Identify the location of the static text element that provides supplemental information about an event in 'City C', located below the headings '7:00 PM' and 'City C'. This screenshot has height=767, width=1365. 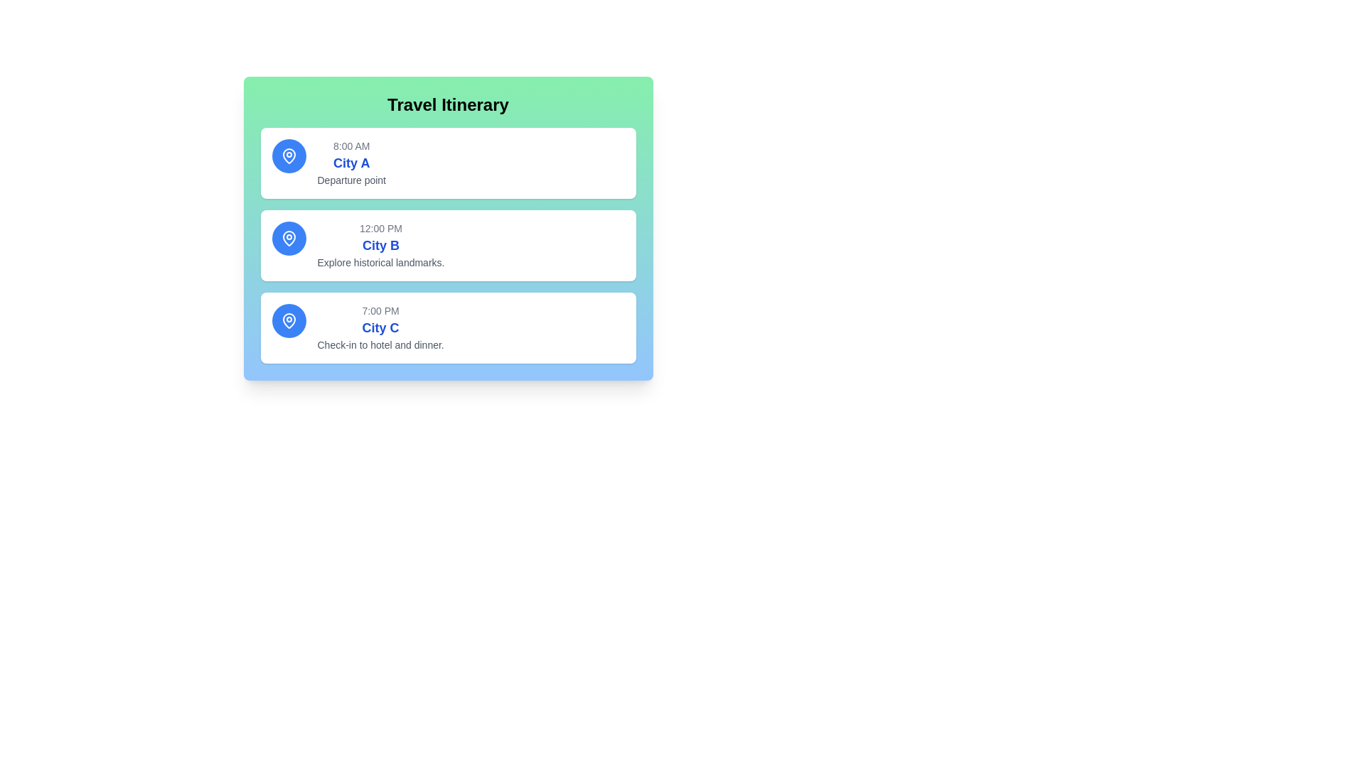
(380, 345).